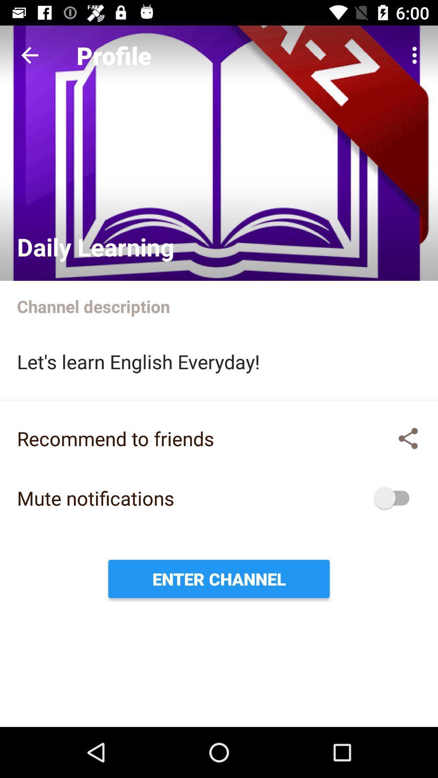 This screenshot has height=778, width=438. Describe the element at coordinates (417, 55) in the screenshot. I see `icon next to the profile item` at that location.